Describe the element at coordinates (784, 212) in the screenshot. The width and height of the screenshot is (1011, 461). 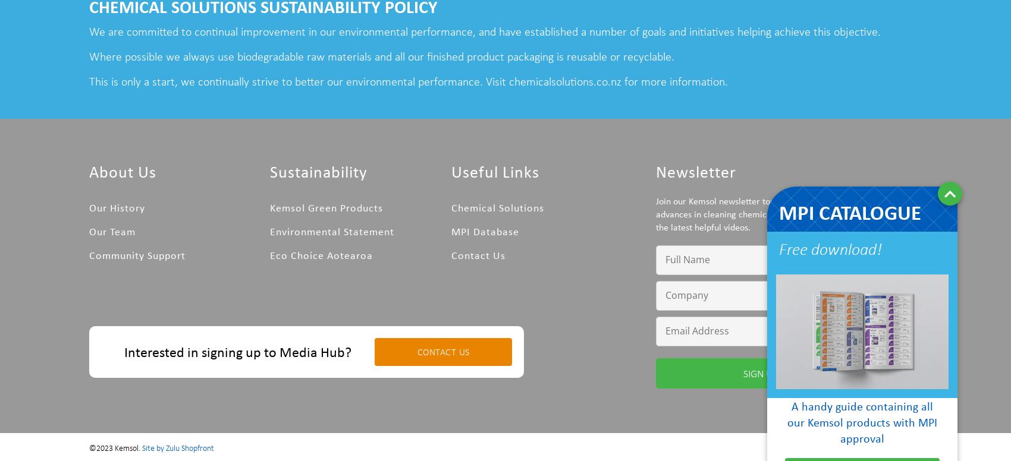
I see `'Join our Kemsol newsletter today for new product launches, advances in cleaning chemical technology, interesting articles and the latest helpful videos.'` at that location.